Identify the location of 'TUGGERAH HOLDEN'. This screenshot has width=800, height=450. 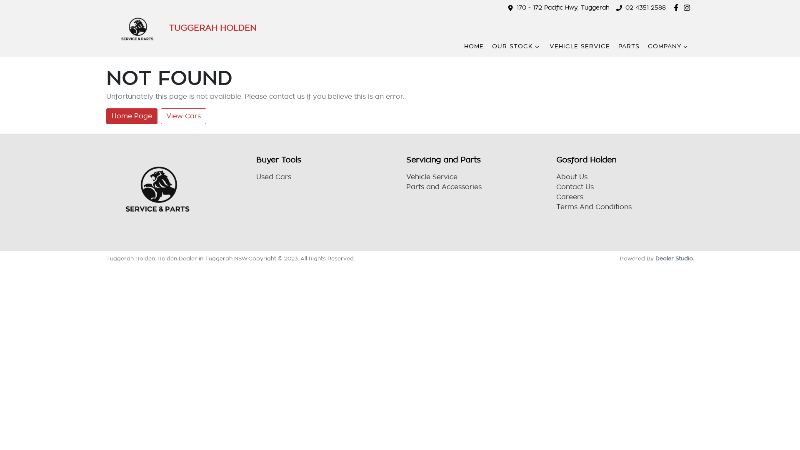
(181, 28).